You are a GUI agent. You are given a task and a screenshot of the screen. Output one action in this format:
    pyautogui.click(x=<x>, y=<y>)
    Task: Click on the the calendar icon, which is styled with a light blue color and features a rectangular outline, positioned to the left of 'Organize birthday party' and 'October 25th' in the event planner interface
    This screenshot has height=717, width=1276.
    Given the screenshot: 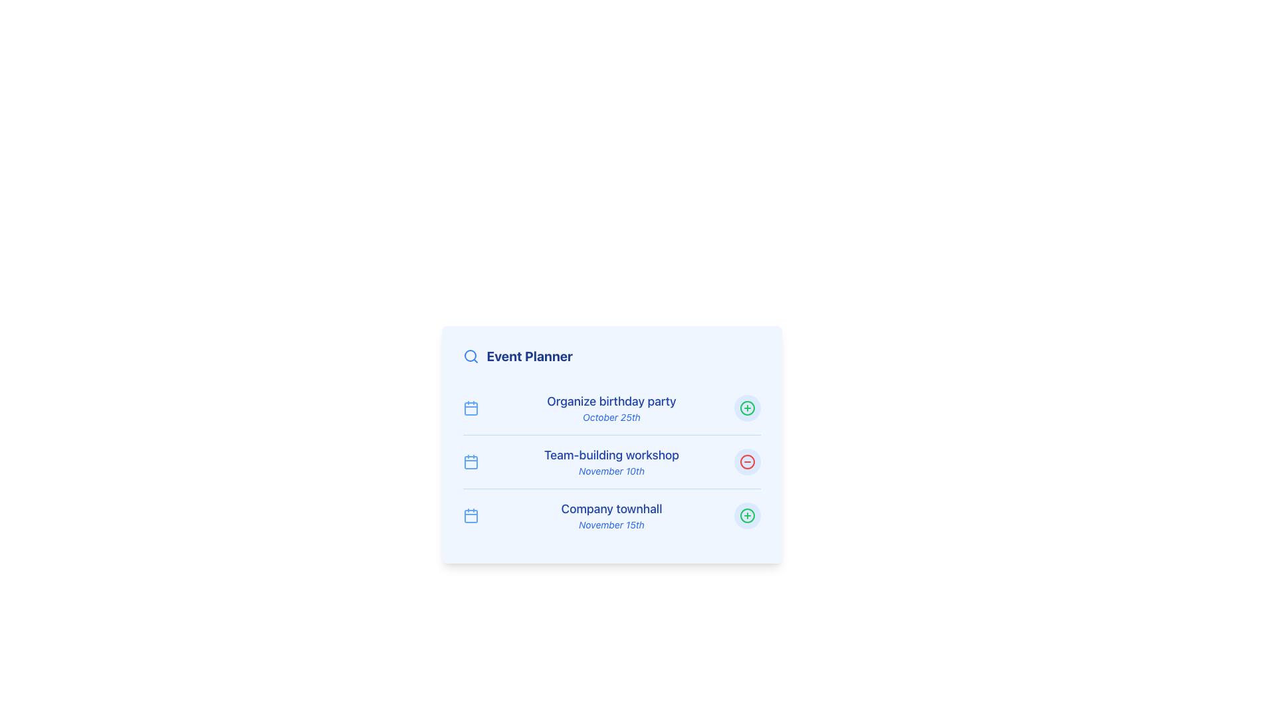 What is the action you would take?
    pyautogui.click(x=471, y=407)
    